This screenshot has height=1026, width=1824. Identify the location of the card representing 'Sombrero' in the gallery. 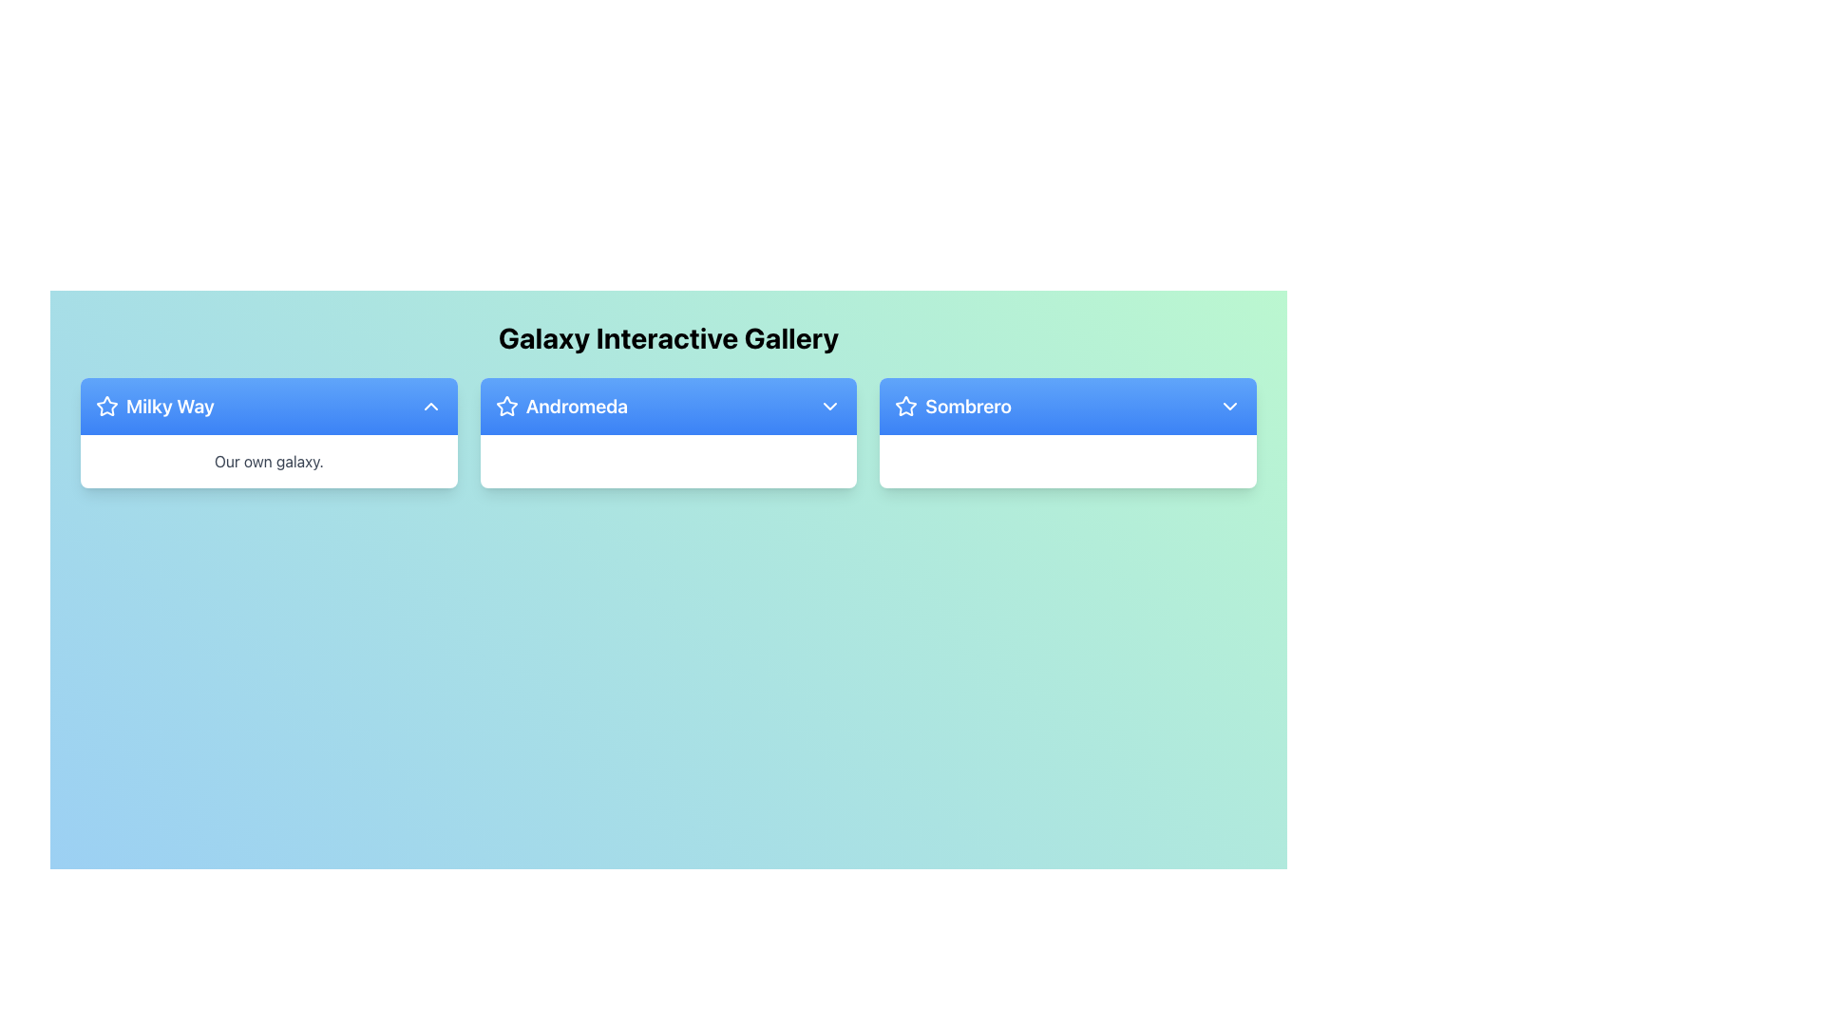
(1068, 432).